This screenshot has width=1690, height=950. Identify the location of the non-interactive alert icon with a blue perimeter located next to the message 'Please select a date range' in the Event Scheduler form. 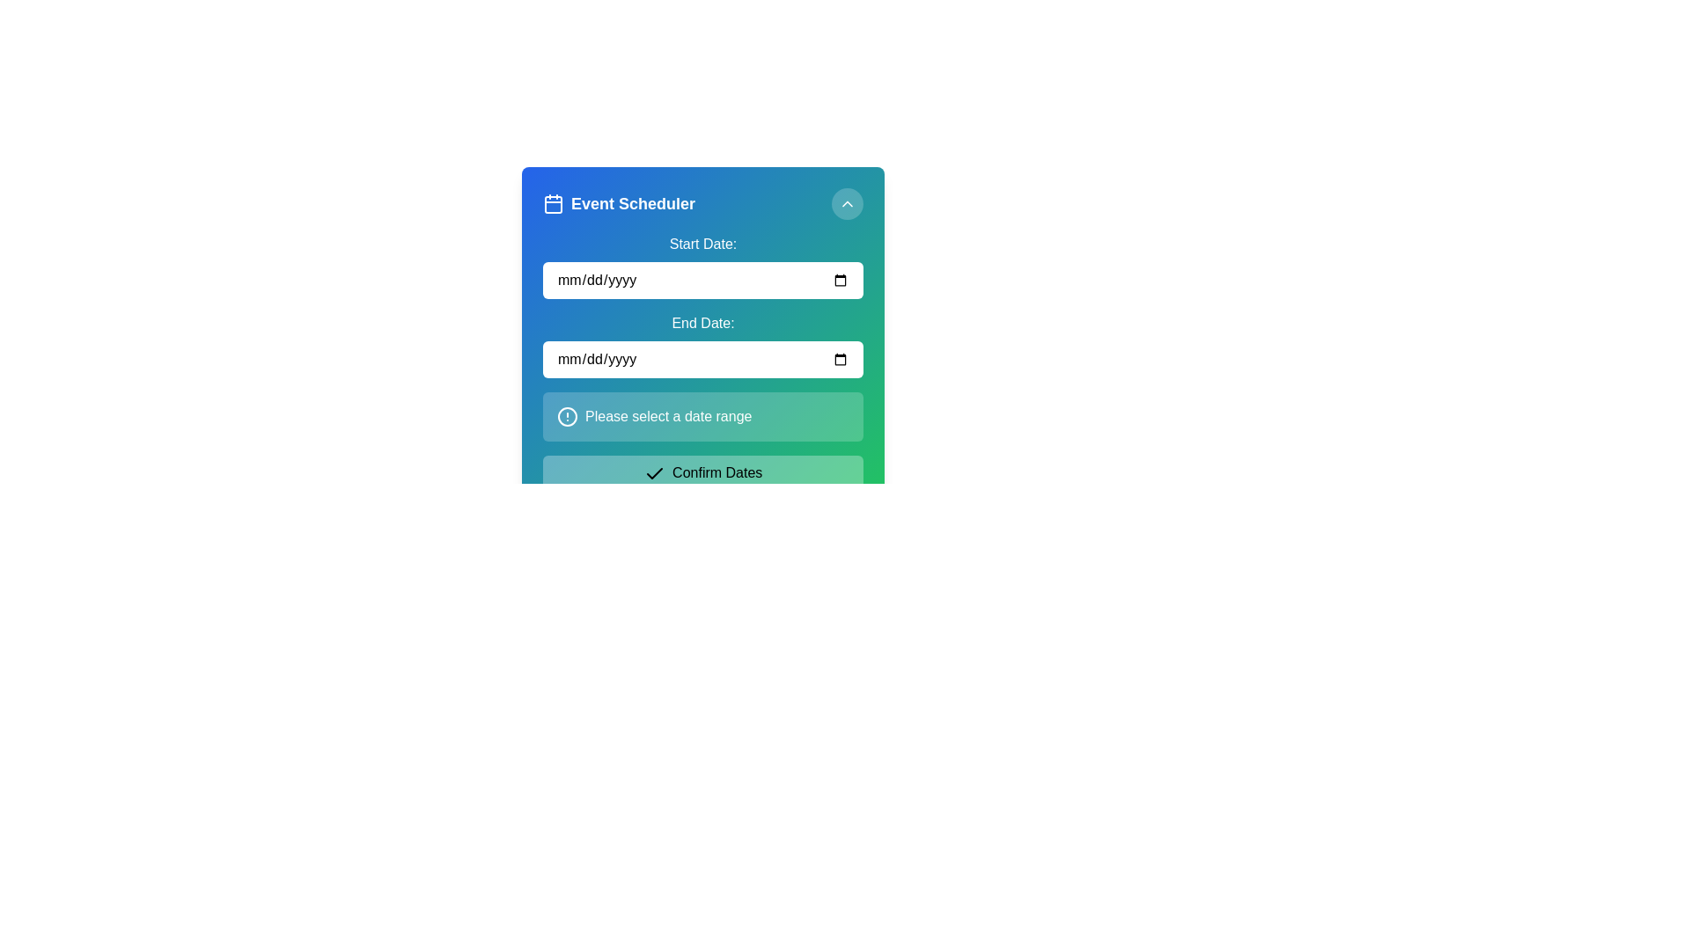
(567, 417).